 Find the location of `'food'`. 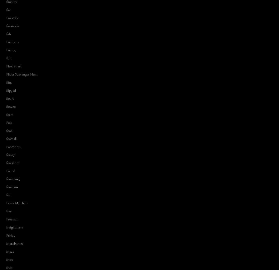

'food' is located at coordinates (6, 130).